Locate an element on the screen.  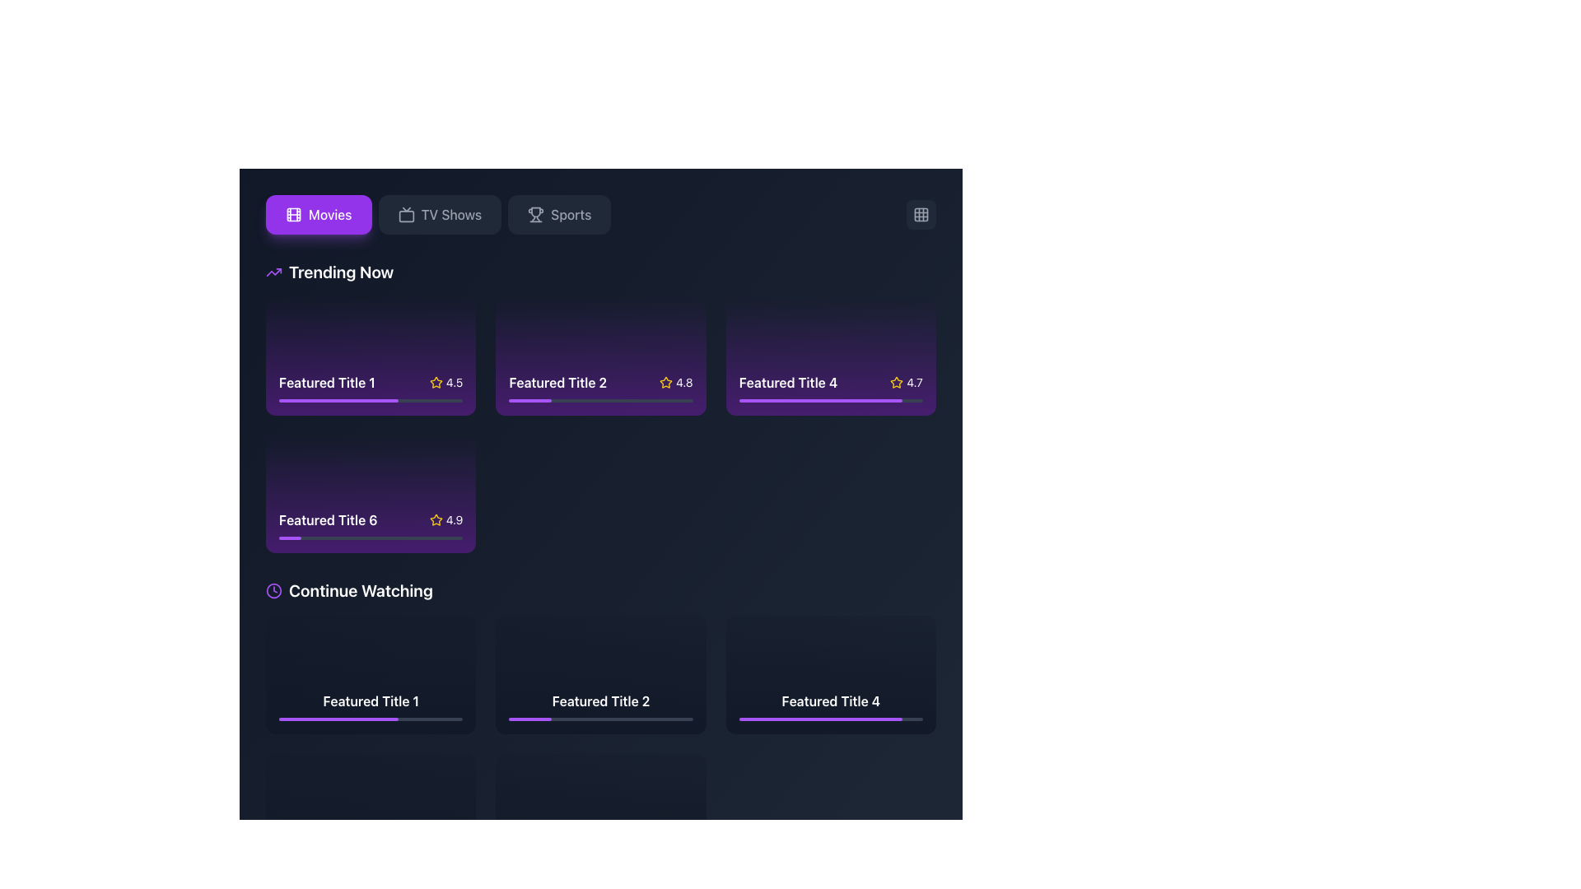
the Content Card displaying featured information is located at coordinates (370, 355).